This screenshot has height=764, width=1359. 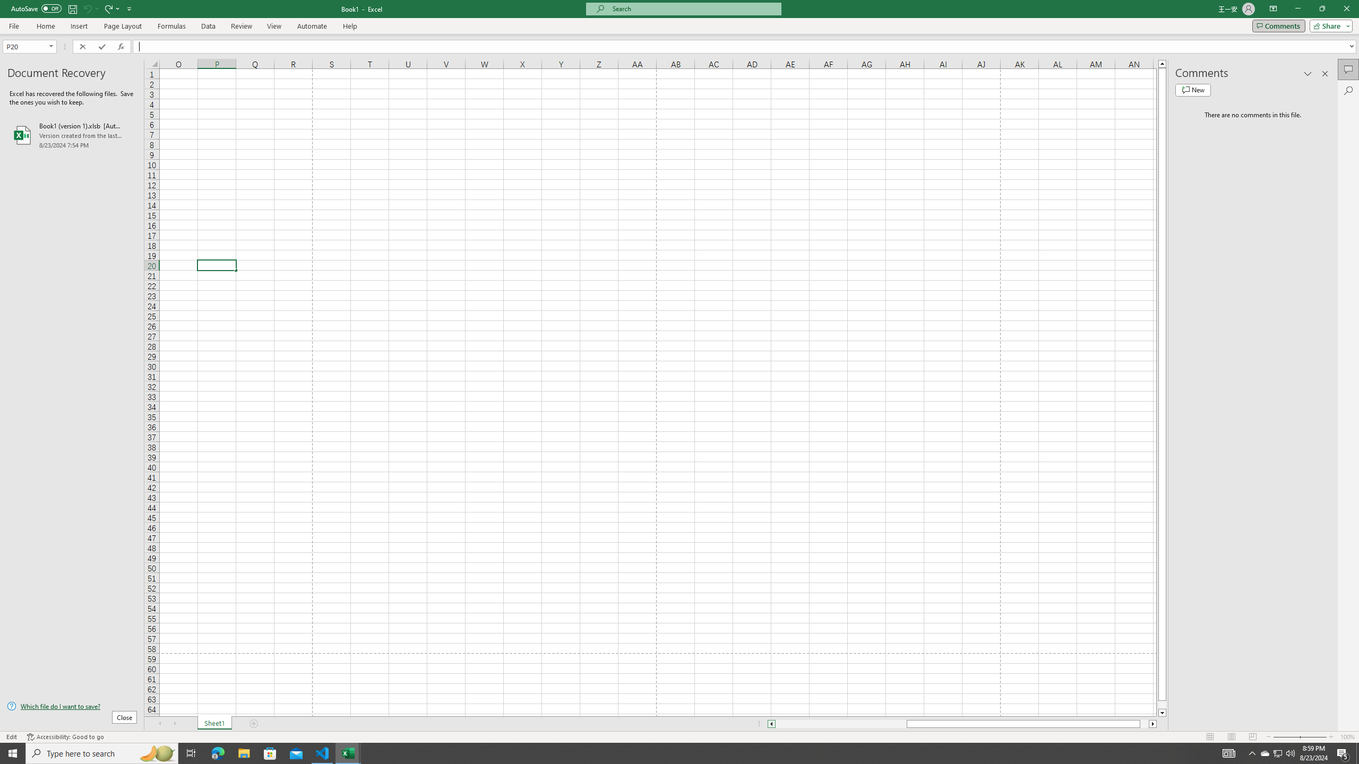 I want to click on 'New comment', so click(x=1192, y=89).